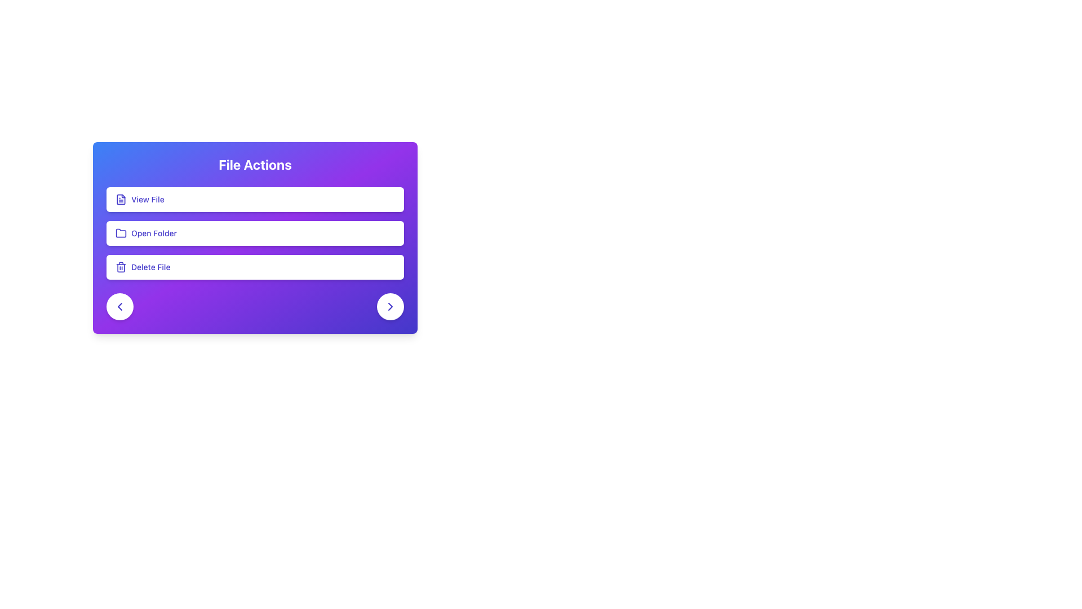 The height and width of the screenshot is (609, 1082). Describe the element at coordinates (254, 199) in the screenshot. I see `the 'View File' button located at the top of the vertical list of options` at that location.